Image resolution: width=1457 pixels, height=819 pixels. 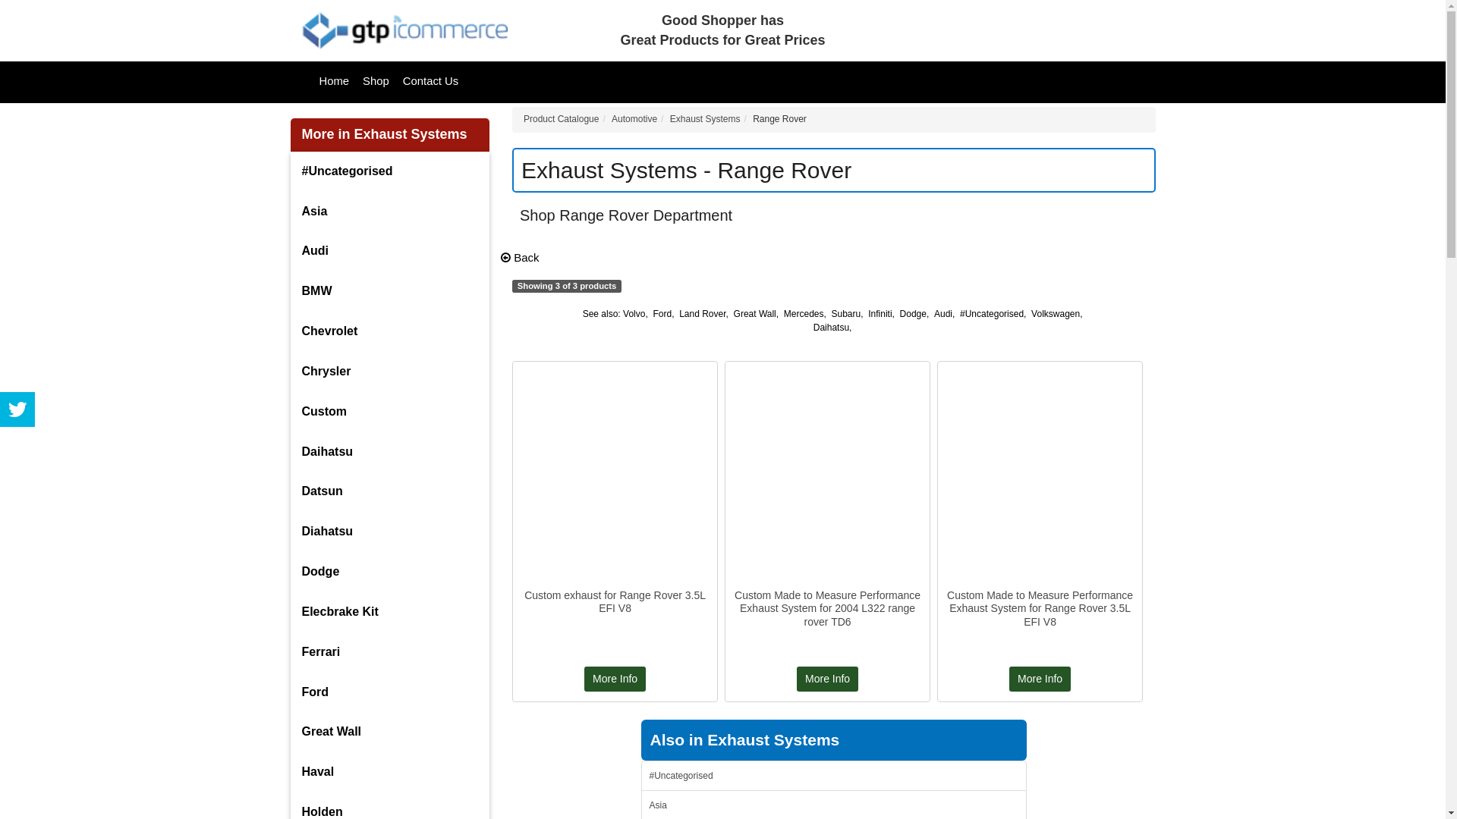 What do you see at coordinates (704, 118) in the screenshot?
I see `'Exhaust Systems'` at bounding box center [704, 118].